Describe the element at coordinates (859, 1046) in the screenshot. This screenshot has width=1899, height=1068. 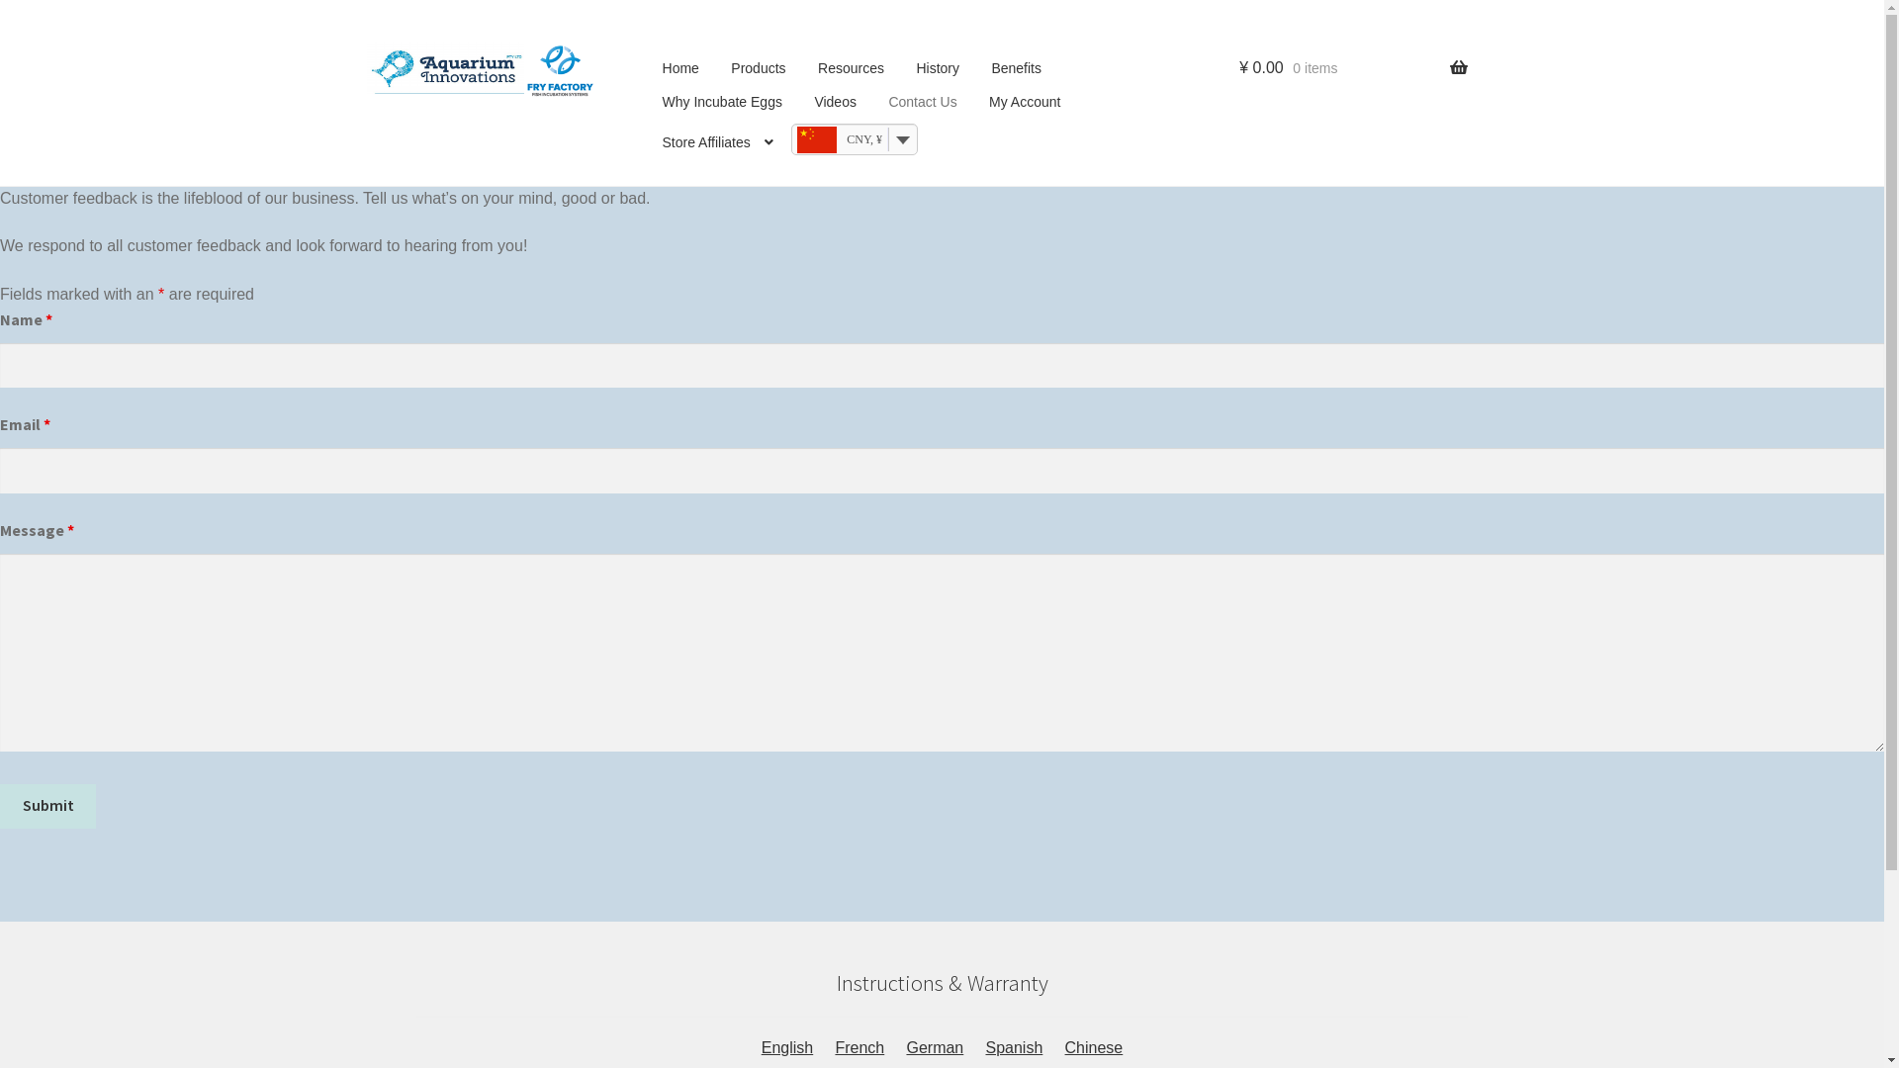
I see `'French'` at that location.